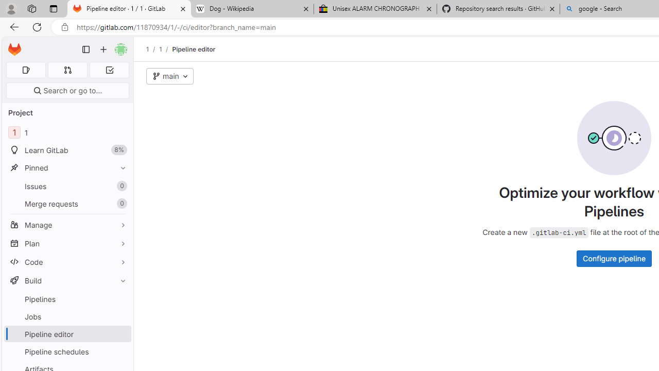 The height and width of the screenshot is (371, 659). I want to click on 'Primary navigation sidebar', so click(86, 49).